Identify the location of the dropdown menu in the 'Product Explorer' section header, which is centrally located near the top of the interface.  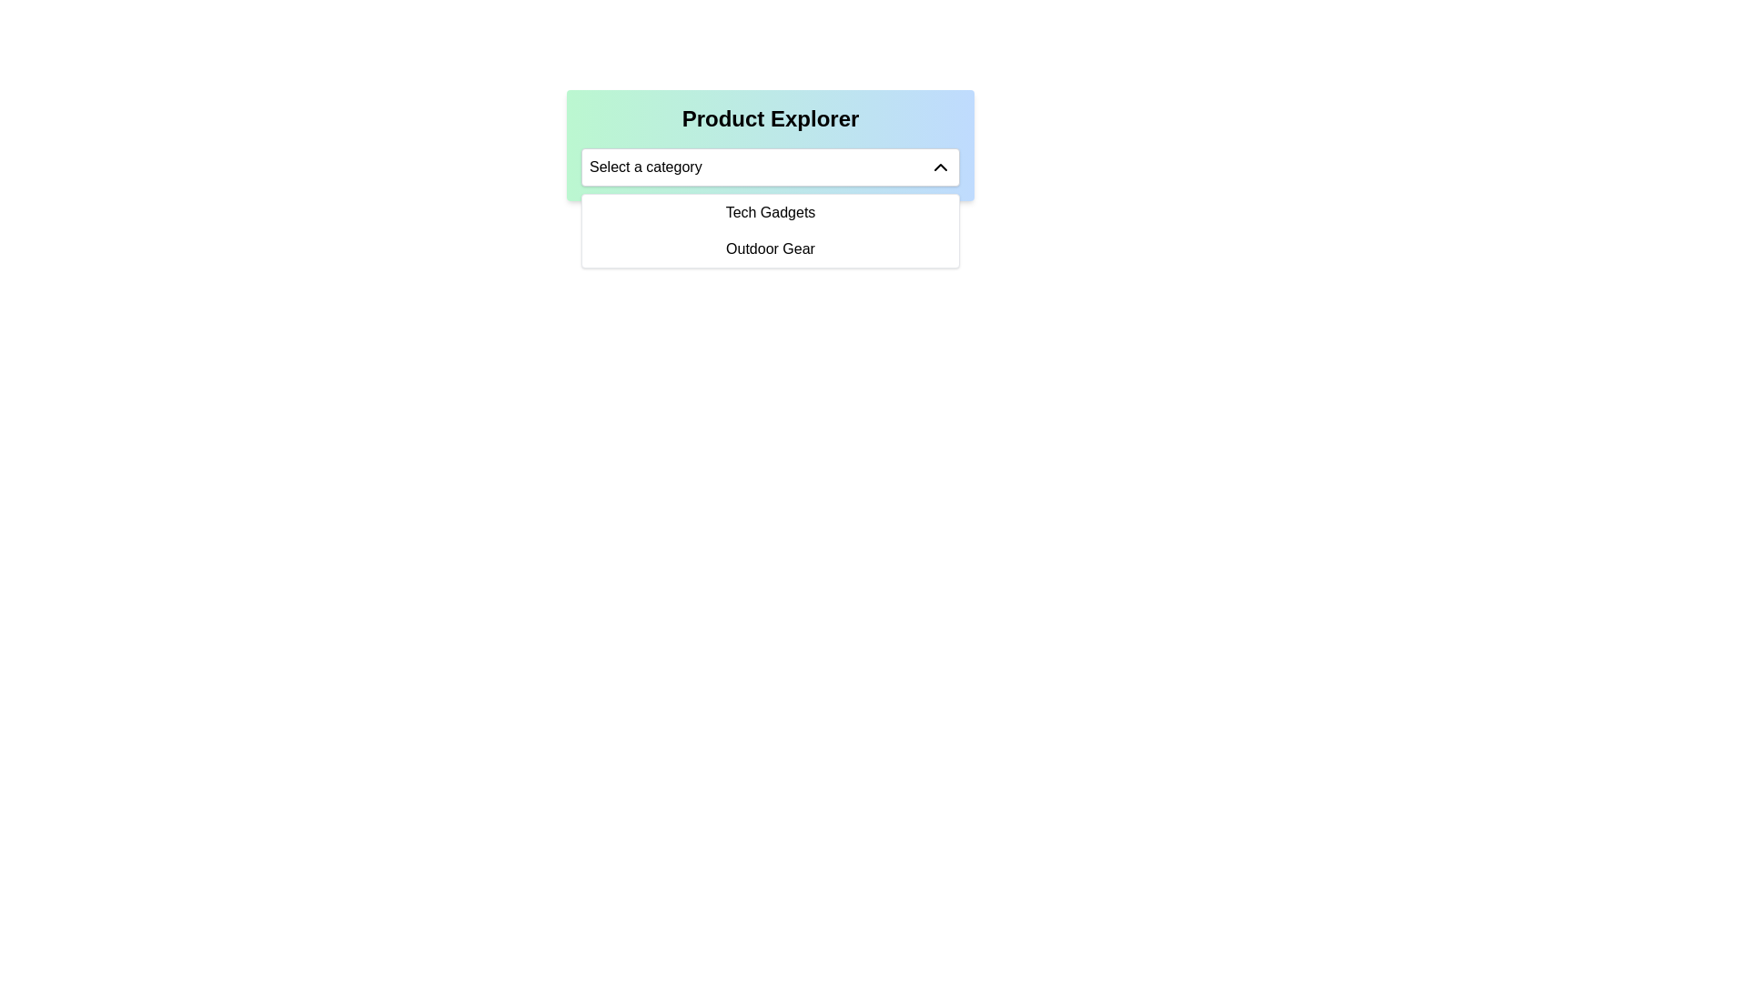
(770, 144).